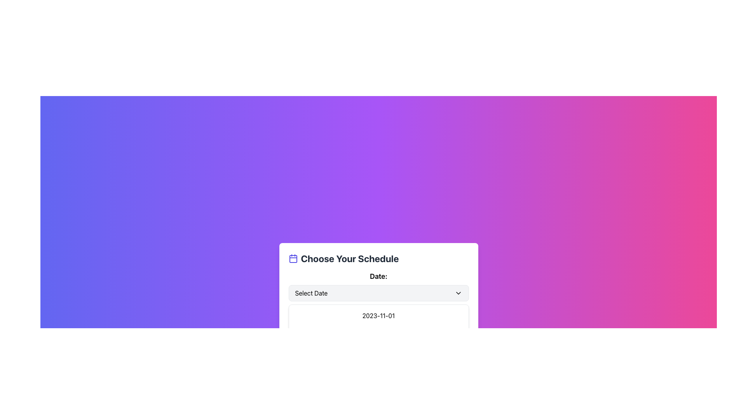  What do you see at coordinates (378, 322) in the screenshot?
I see `the list item displaying the date '2023-11-01' in the dropdown menu` at bounding box center [378, 322].